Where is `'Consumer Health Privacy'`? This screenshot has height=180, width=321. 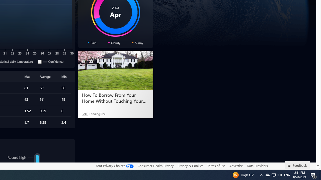
'Consumer Health Privacy' is located at coordinates (155, 166).